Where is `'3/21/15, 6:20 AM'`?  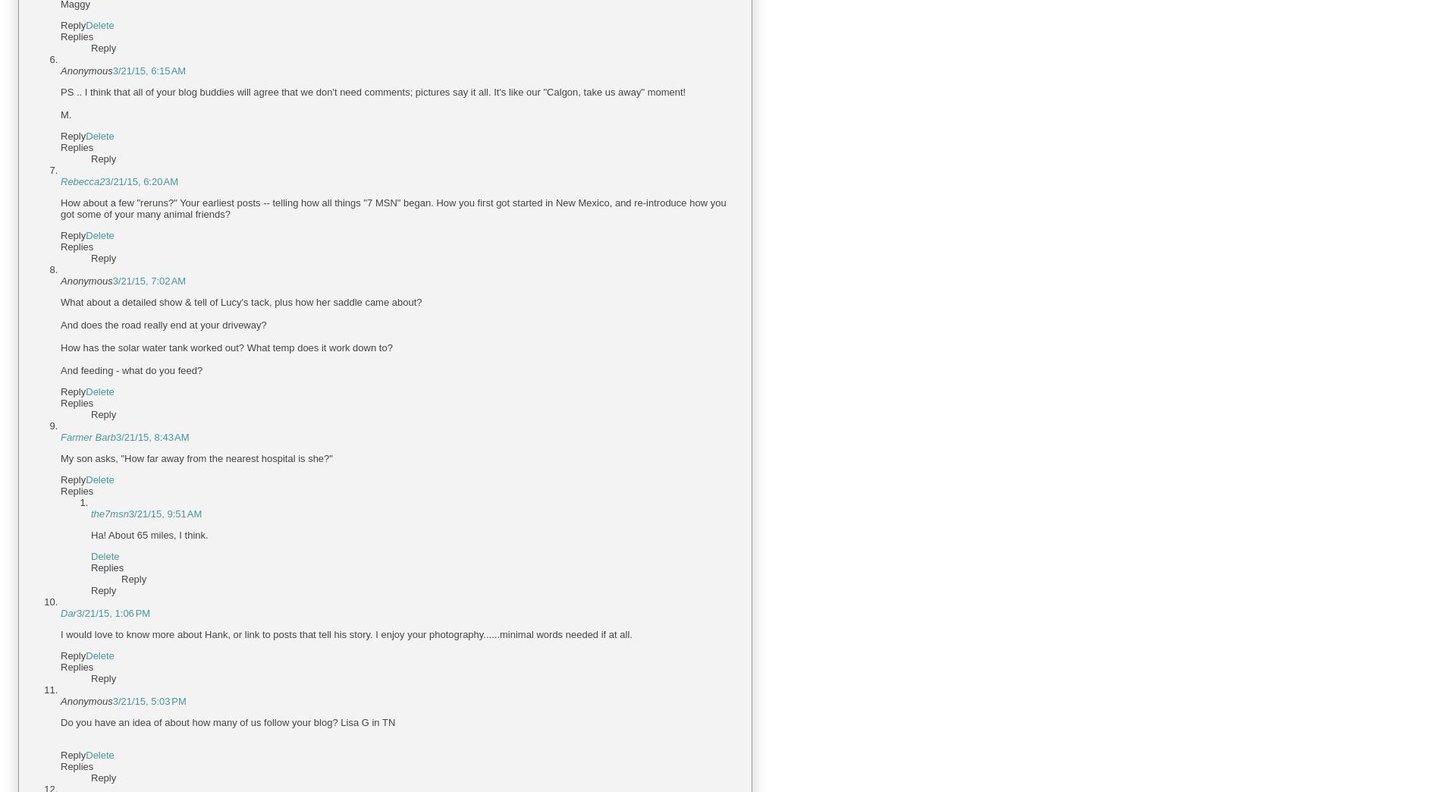 '3/21/15, 6:20 AM' is located at coordinates (140, 181).